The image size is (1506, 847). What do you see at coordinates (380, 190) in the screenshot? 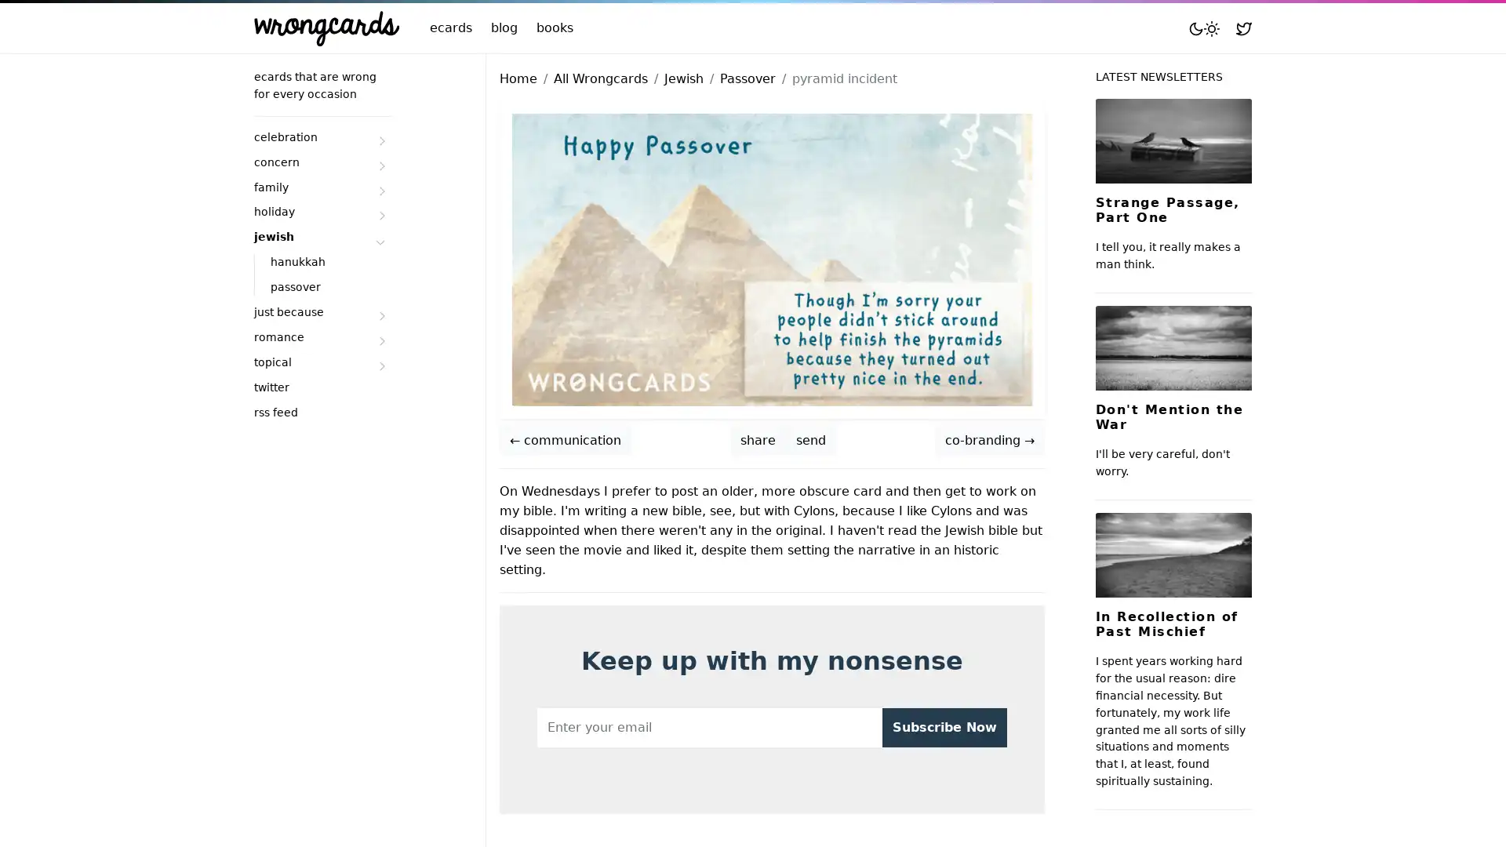
I see `Submenu` at bounding box center [380, 190].